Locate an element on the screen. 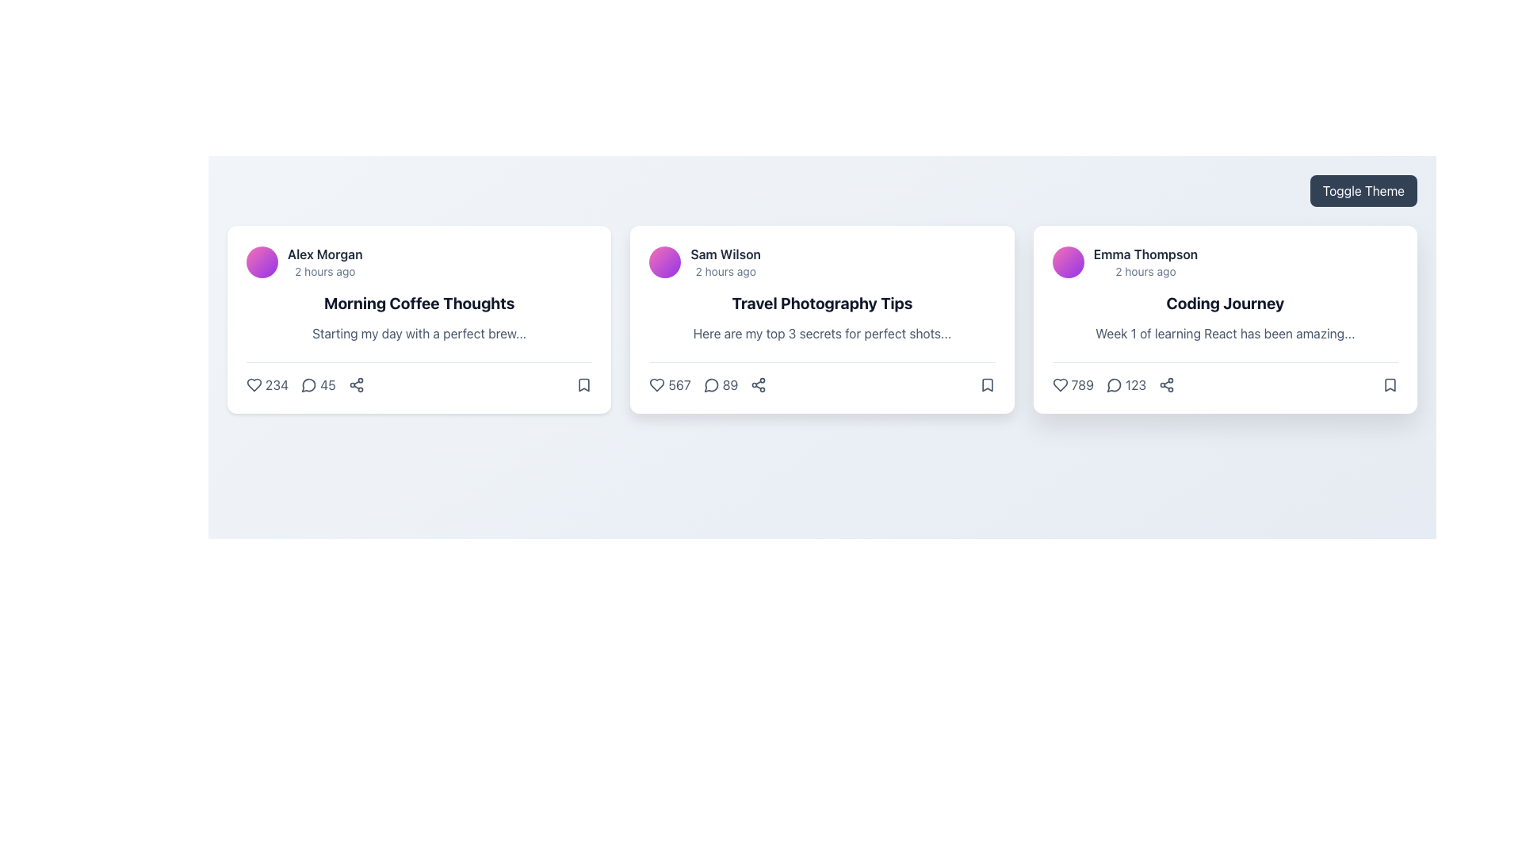  the speech bubble icon in the footer of the 'Coding Journey' card is located at coordinates (1114, 385).